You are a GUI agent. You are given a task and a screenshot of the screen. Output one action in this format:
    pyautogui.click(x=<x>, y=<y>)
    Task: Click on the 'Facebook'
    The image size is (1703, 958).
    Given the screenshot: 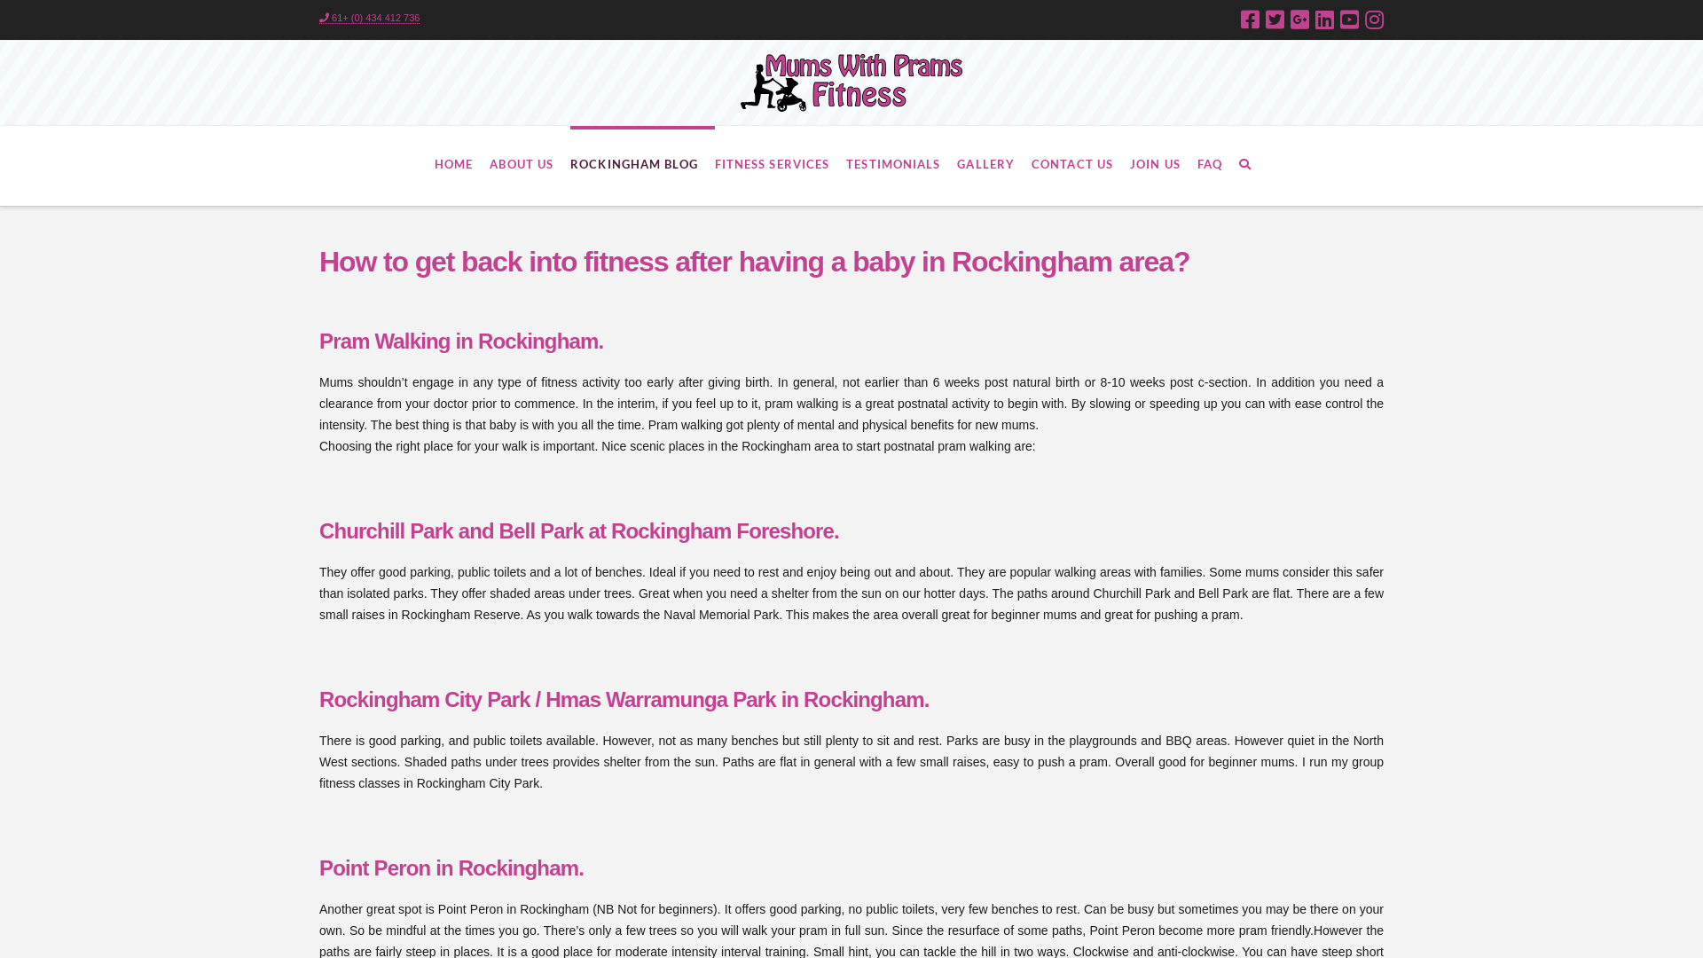 What is the action you would take?
    pyautogui.click(x=1239, y=20)
    